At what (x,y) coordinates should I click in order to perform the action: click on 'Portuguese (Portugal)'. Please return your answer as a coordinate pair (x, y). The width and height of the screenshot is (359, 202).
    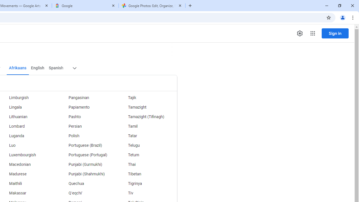
    Looking at the image, I should click on (87, 155).